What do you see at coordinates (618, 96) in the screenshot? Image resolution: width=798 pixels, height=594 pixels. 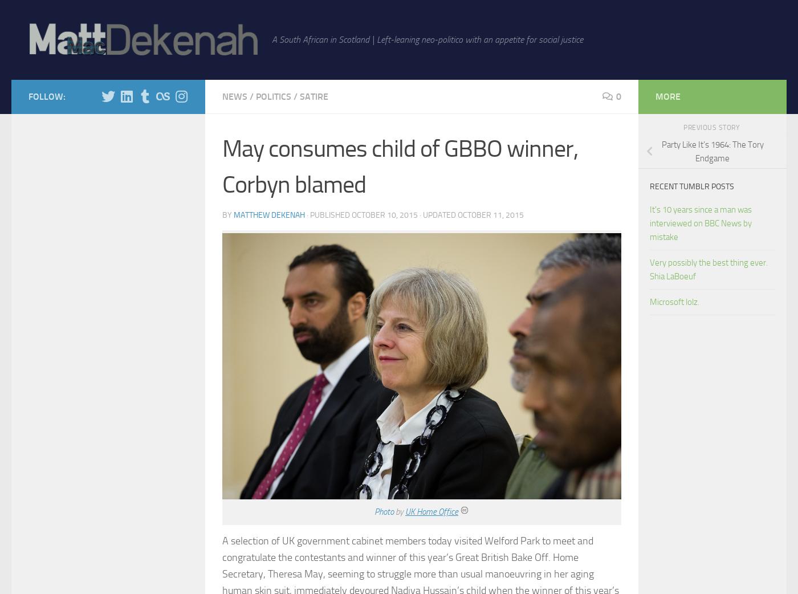 I see `'0'` at bounding box center [618, 96].